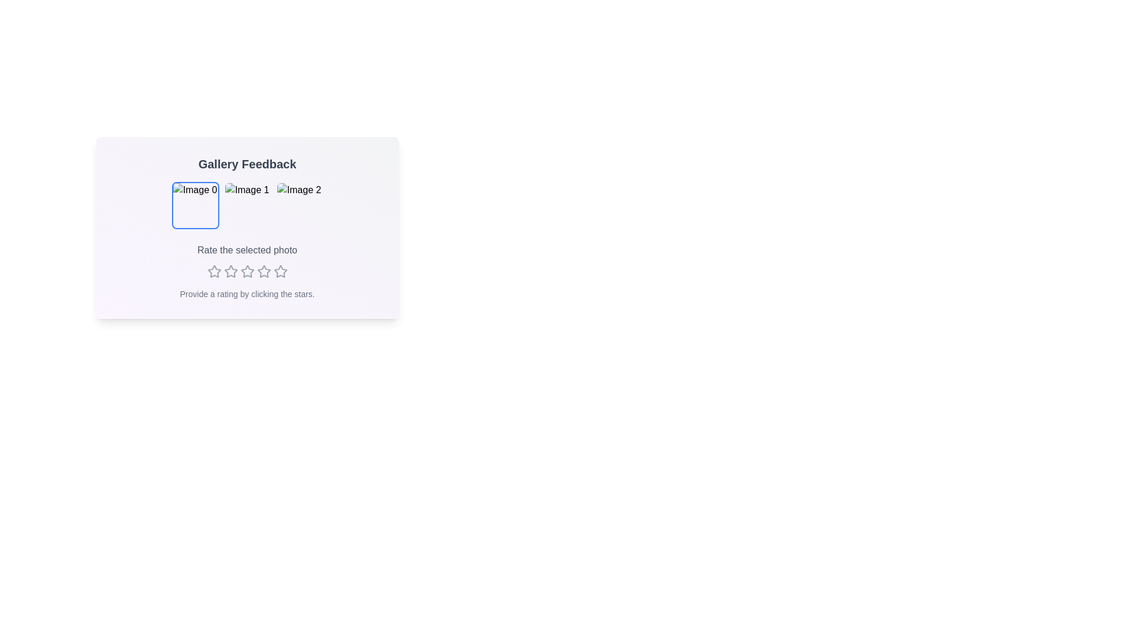 The image size is (1135, 638). What do you see at coordinates (247, 271) in the screenshot?
I see `the third rating star in the 'Rate the selected photo' section` at bounding box center [247, 271].